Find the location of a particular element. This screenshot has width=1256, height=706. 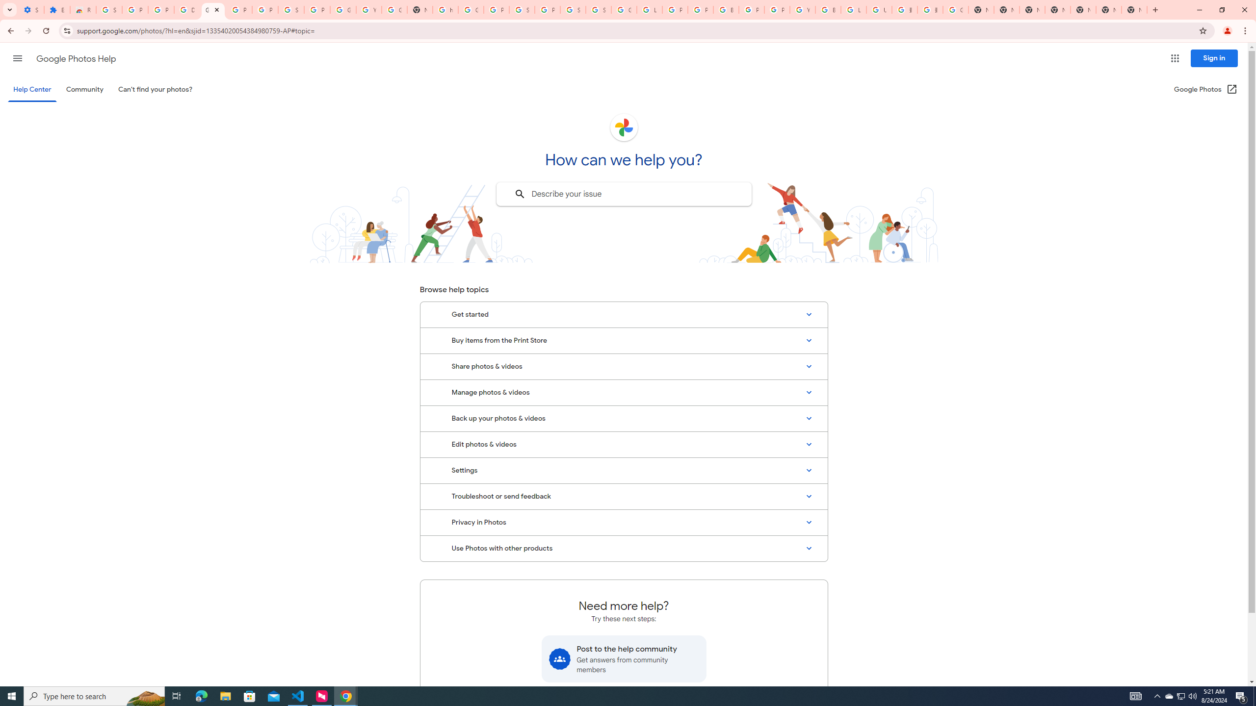

'Share photos & videos' is located at coordinates (624, 366).